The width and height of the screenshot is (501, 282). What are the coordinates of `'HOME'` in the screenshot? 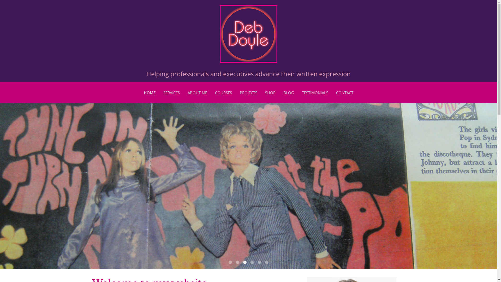 It's located at (149, 92).